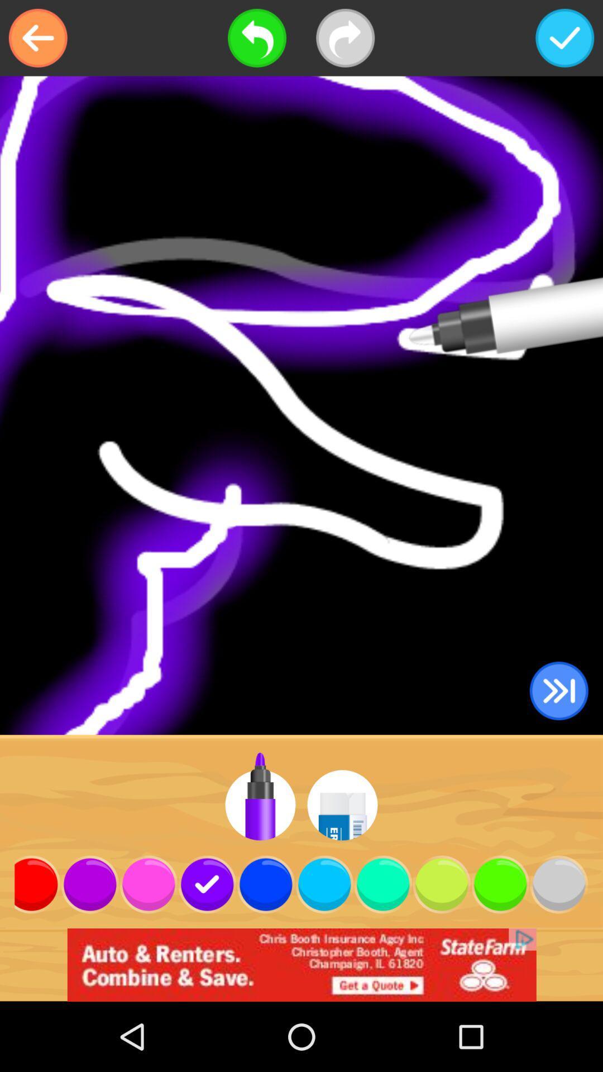  I want to click on redo last action, so click(344, 38).